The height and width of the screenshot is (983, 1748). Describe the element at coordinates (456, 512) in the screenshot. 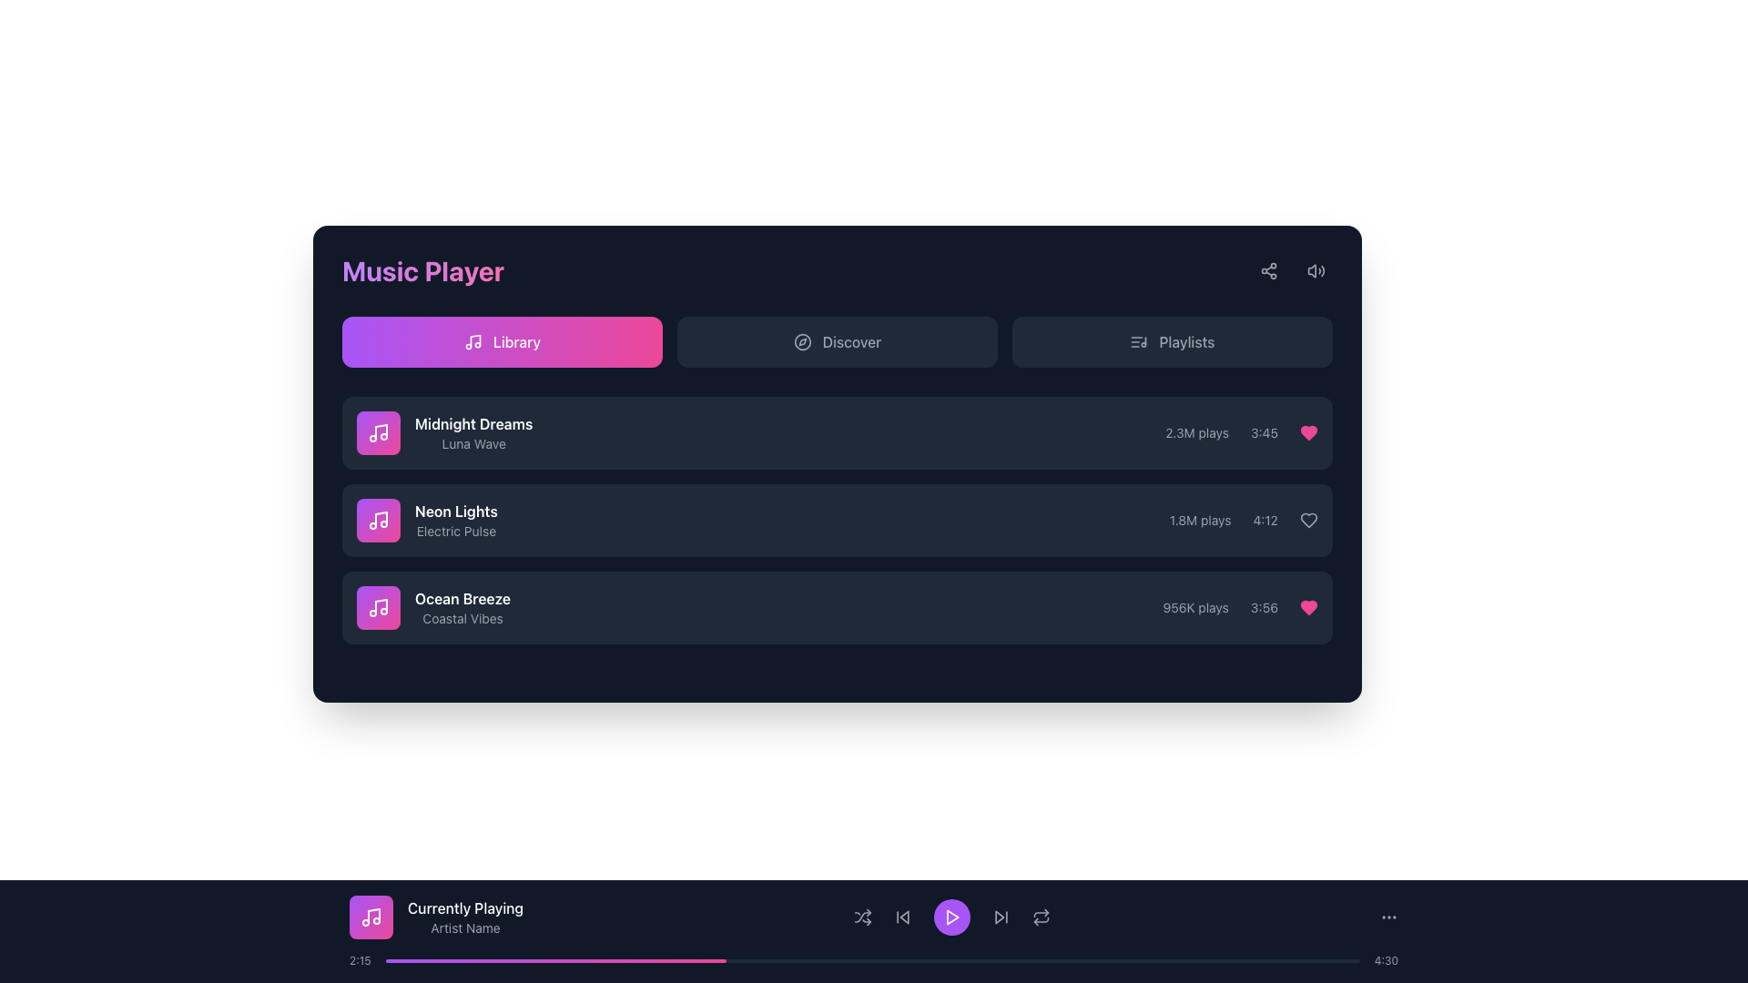

I see `the title text of the second track in the music player's library section, which is positioned above the subtitle 'Electric Pulse'` at that location.